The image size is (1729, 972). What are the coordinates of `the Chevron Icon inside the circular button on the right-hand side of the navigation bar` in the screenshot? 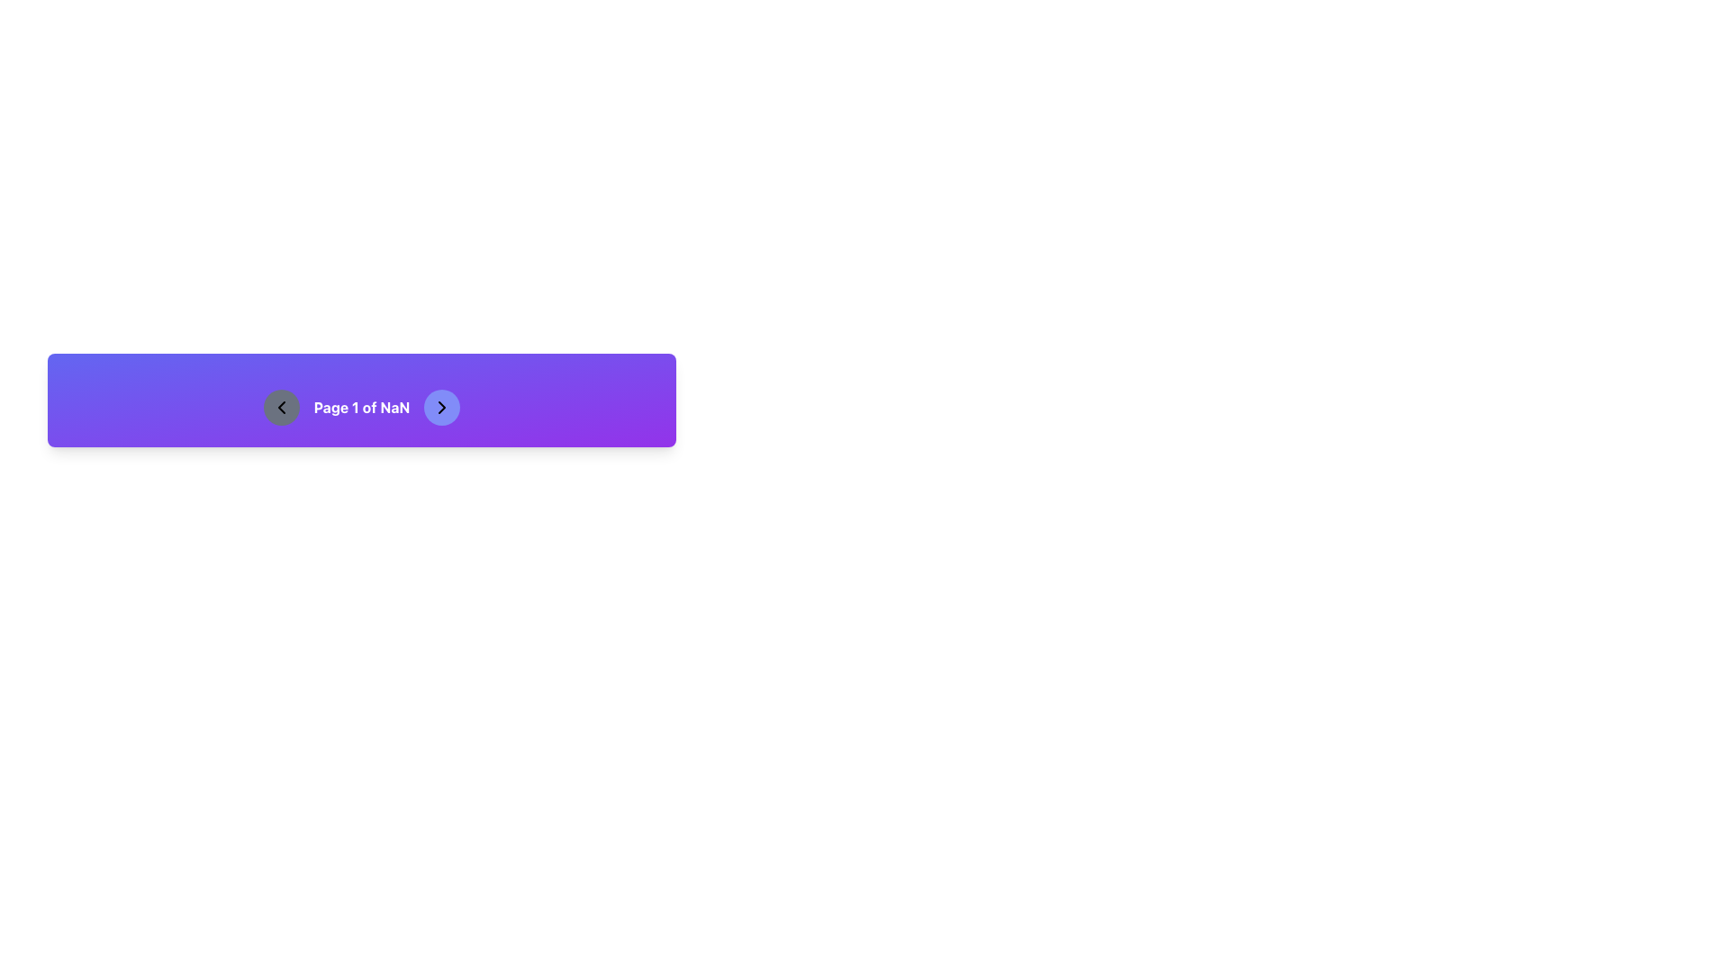 It's located at (442, 407).